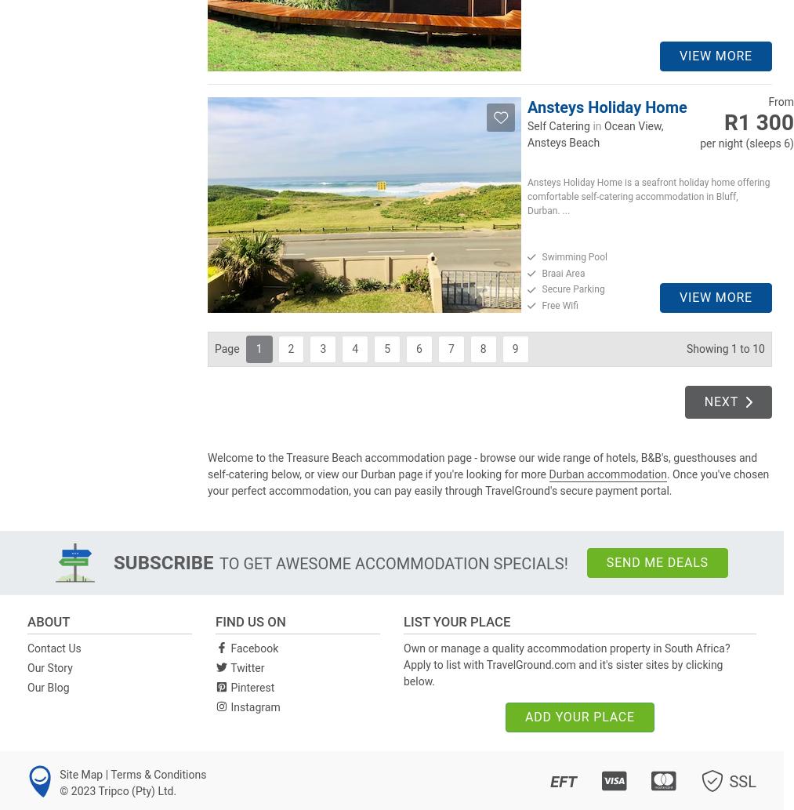  What do you see at coordinates (564, 140) in the screenshot?
I see `'Ansteys Beach'` at bounding box center [564, 140].